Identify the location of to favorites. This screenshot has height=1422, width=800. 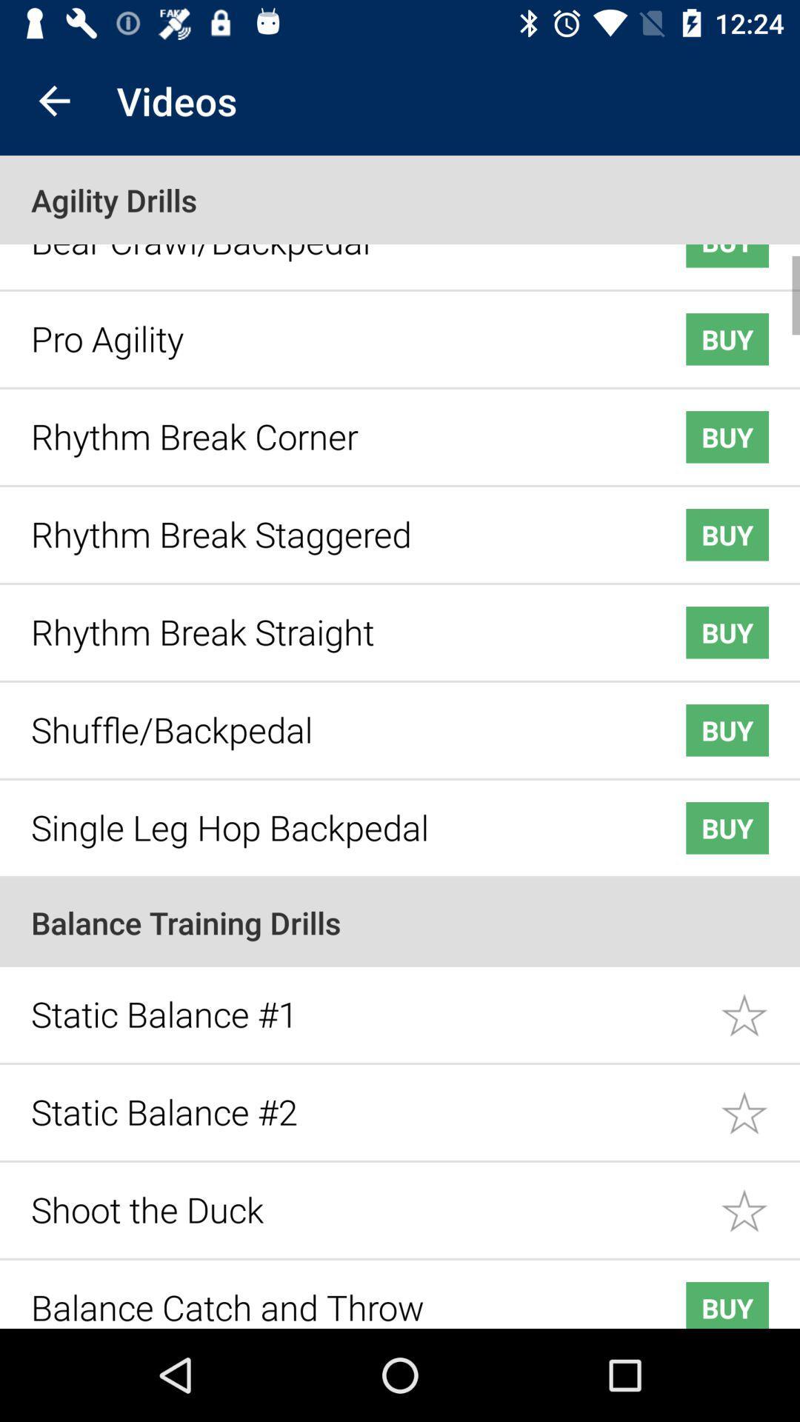
(760, 1200).